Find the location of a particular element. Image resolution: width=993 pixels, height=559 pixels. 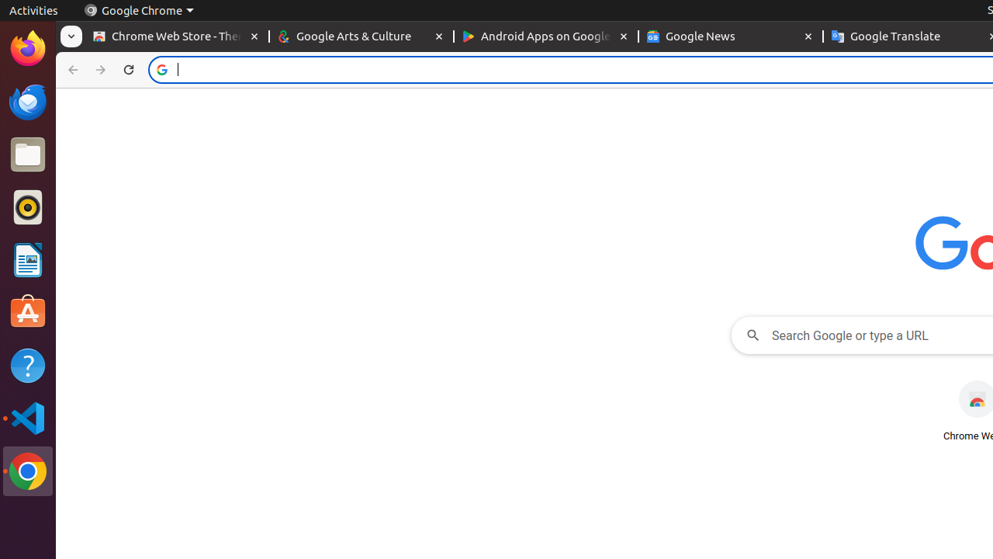

'Google Chrome' is located at coordinates (138, 10).